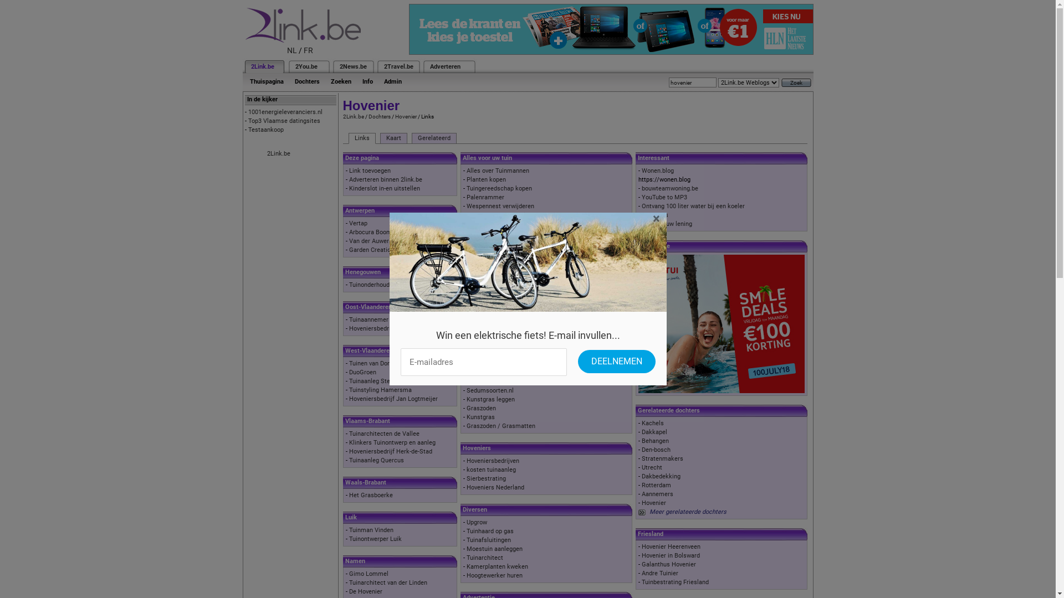 This screenshot has height=598, width=1064. Describe the element at coordinates (352, 66) in the screenshot. I see `'2News.be'` at that location.